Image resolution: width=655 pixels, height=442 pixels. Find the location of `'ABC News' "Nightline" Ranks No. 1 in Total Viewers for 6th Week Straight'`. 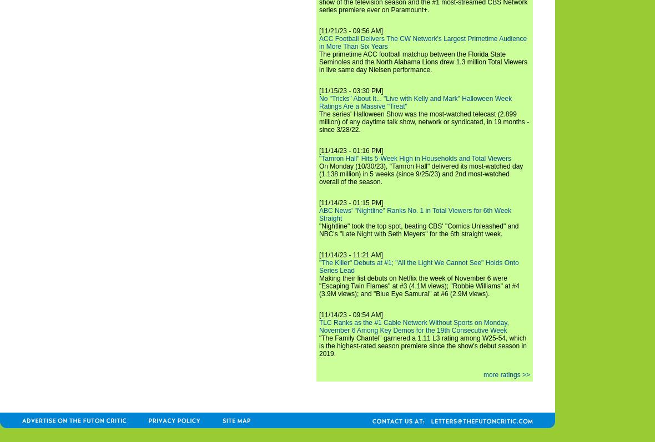

'ABC News' "Nightline" Ranks No. 1 in Total Viewers for 6th Week Straight' is located at coordinates (415, 214).